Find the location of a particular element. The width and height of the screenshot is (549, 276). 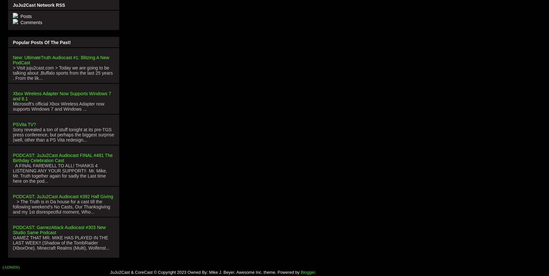

'.' is located at coordinates (315, 271).